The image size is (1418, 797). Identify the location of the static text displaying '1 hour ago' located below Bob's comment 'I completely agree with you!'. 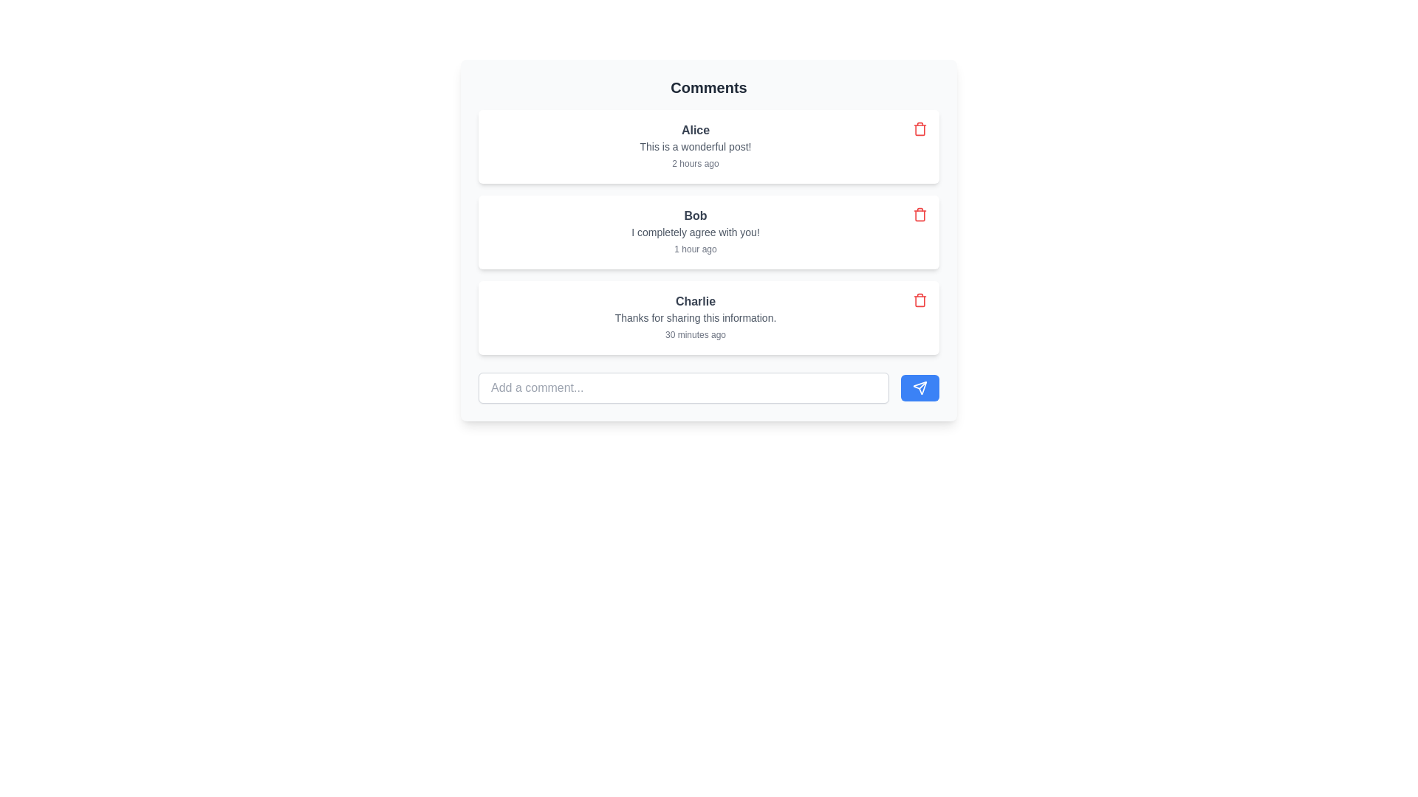
(694, 249).